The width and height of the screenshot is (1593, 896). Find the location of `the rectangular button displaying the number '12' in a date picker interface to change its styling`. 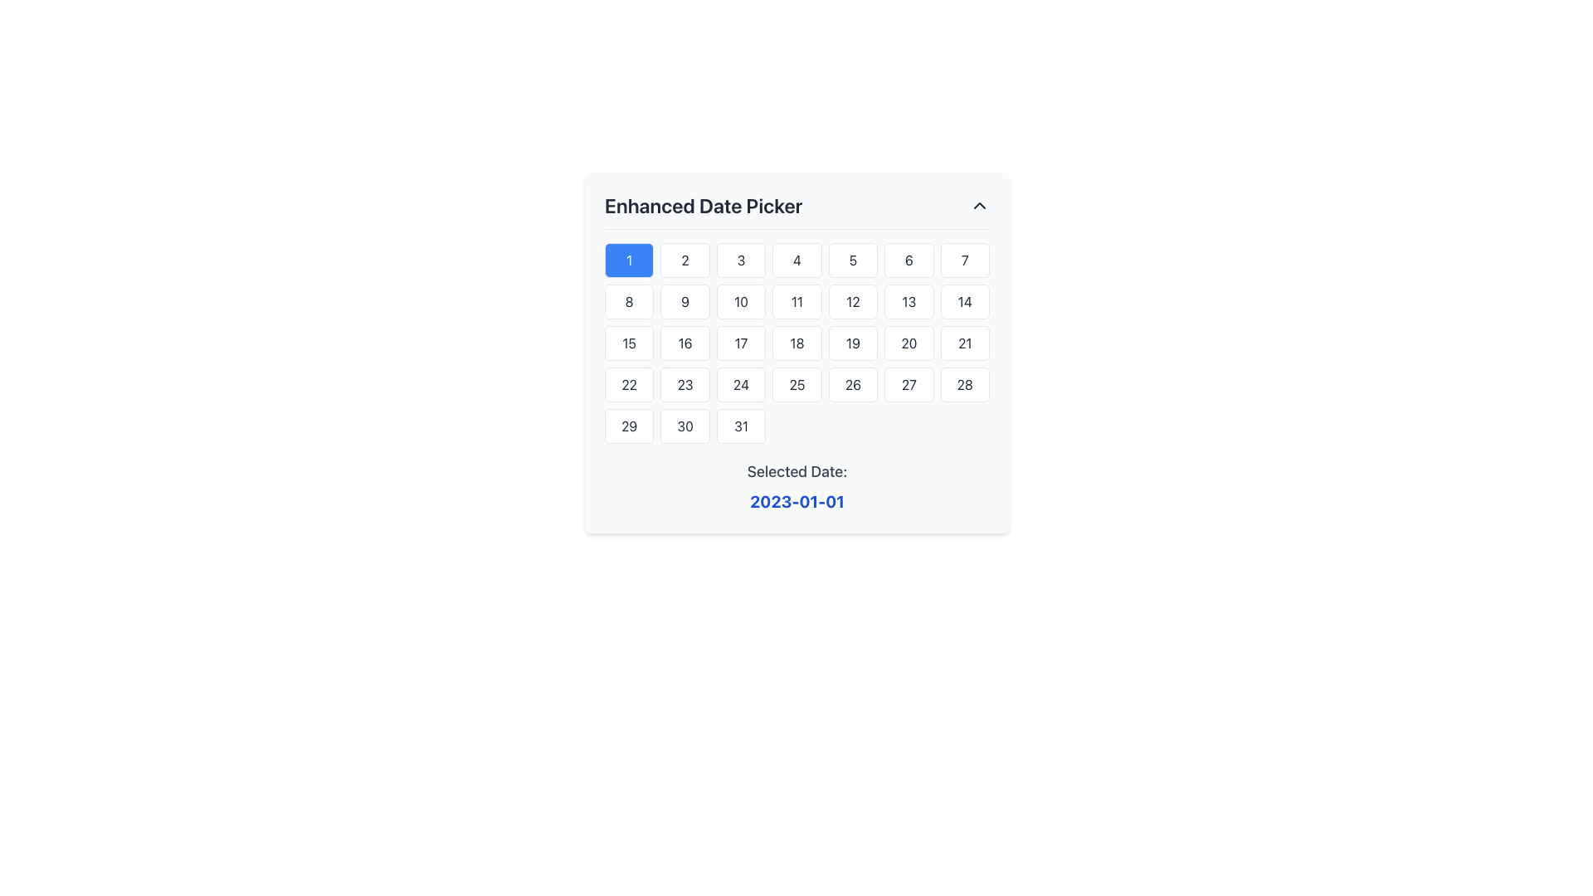

the rectangular button displaying the number '12' in a date picker interface to change its styling is located at coordinates (853, 301).